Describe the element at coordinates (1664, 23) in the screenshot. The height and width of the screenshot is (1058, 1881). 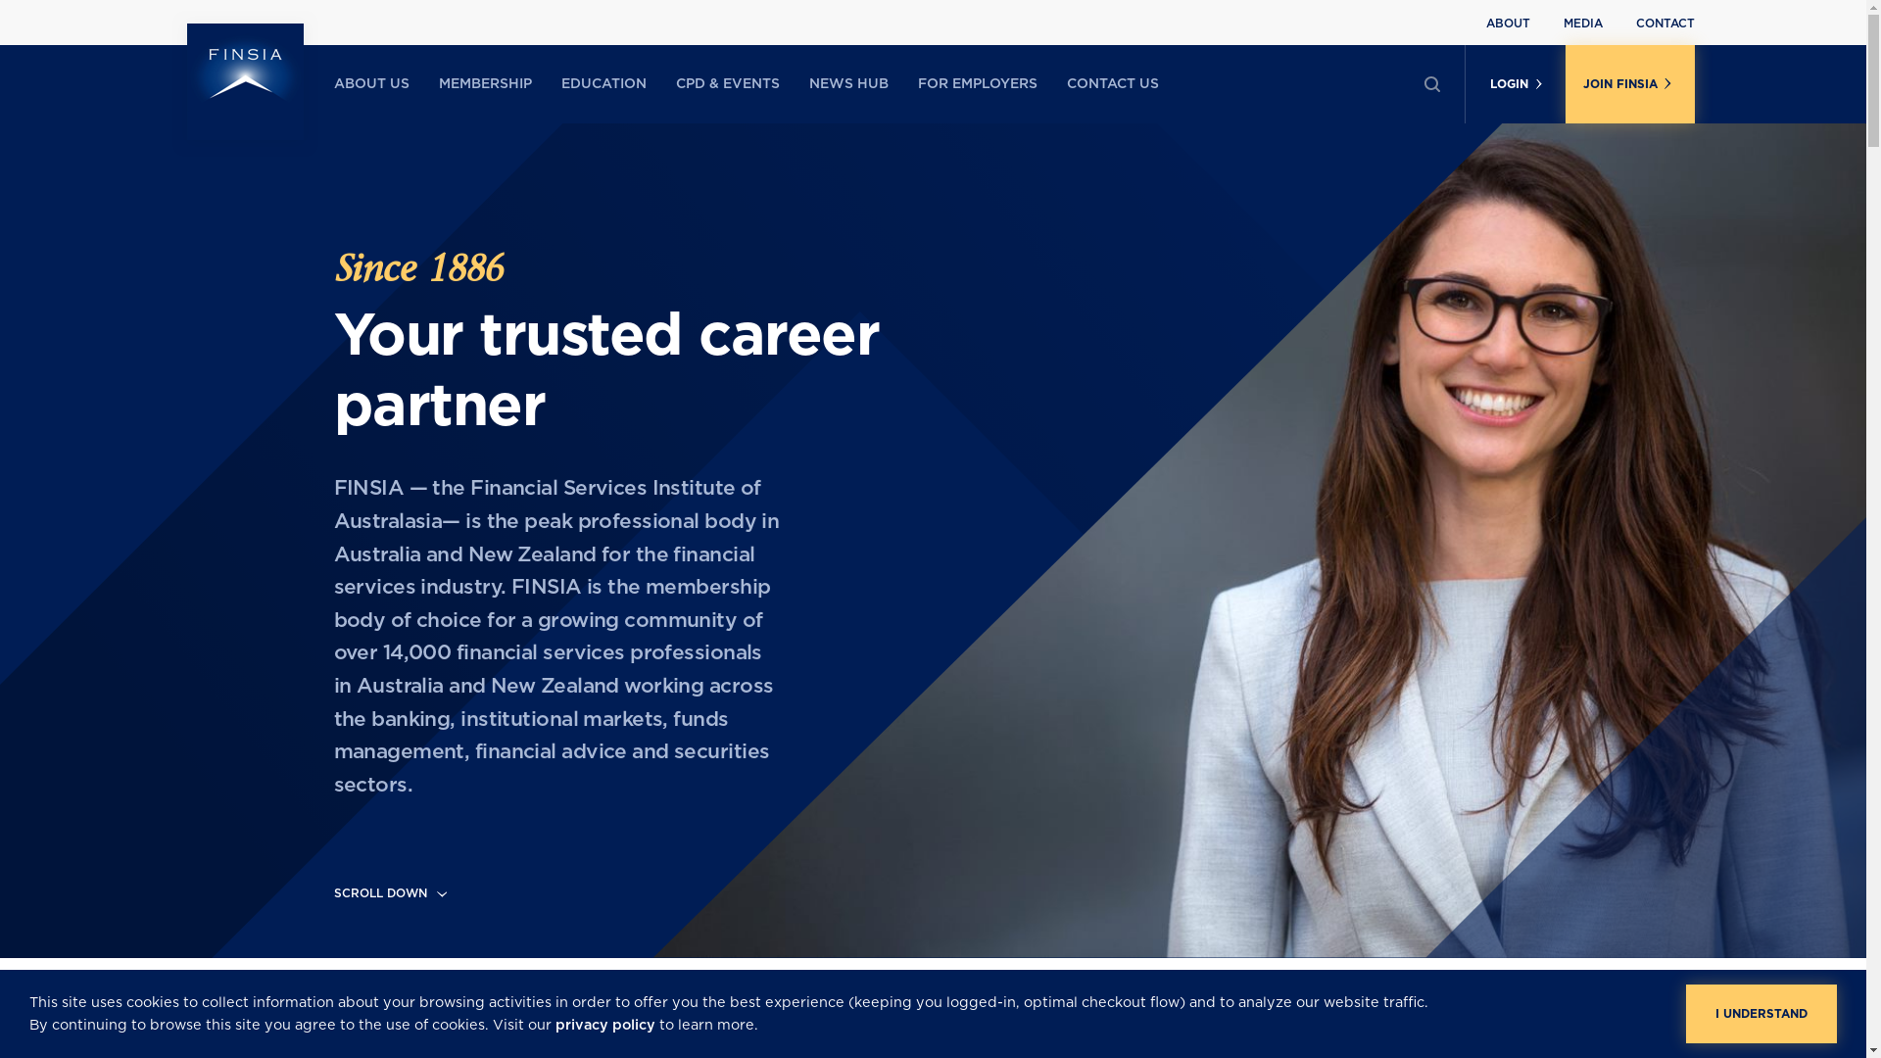
I see `'CONTACT'` at that location.